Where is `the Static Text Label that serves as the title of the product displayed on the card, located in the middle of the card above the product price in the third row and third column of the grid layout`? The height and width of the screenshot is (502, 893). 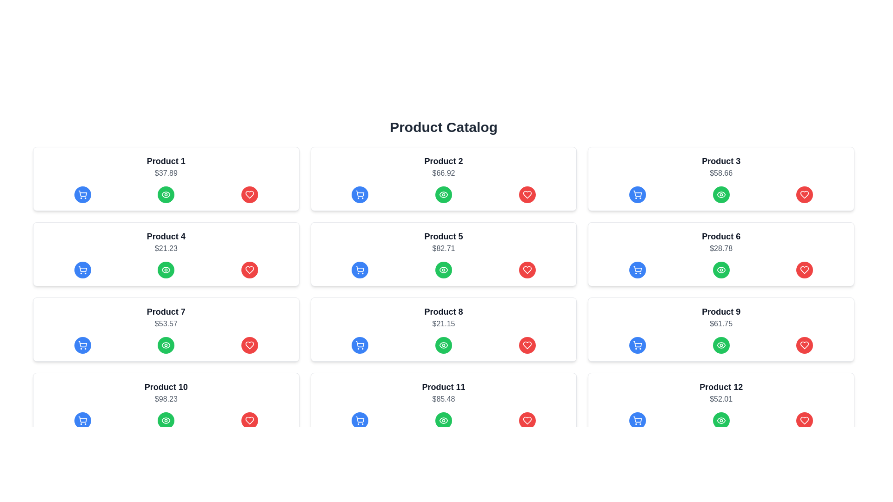
the Static Text Label that serves as the title of the product displayed on the card, located in the middle of the card above the product price in the third row and third column of the grid layout is located at coordinates (720, 312).